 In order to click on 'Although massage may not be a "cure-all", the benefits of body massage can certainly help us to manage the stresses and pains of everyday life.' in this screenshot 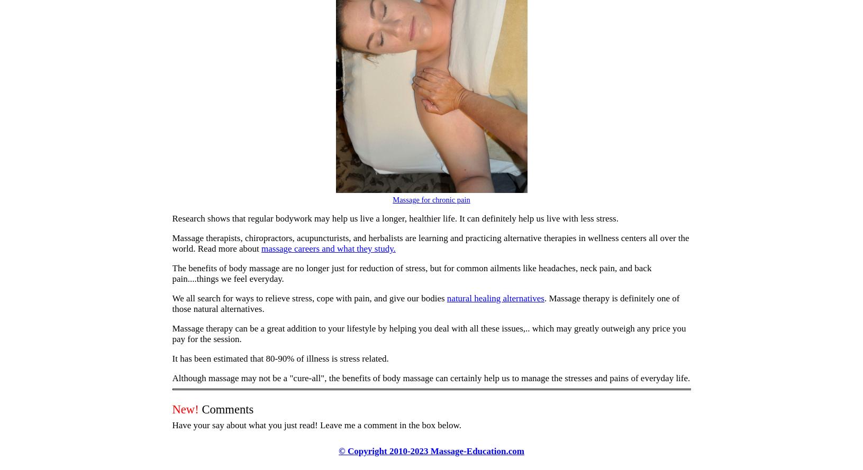, I will do `click(171, 377)`.